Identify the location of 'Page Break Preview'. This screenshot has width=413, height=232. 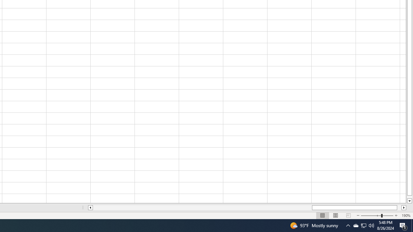
(348, 216).